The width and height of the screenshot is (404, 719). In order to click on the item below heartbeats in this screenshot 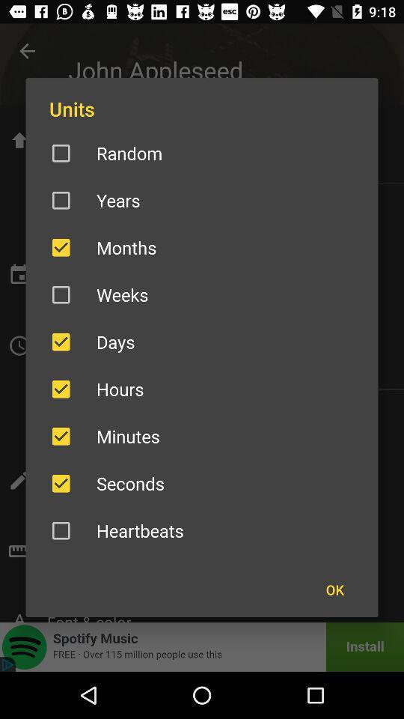, I will do `click(334, 589)`.